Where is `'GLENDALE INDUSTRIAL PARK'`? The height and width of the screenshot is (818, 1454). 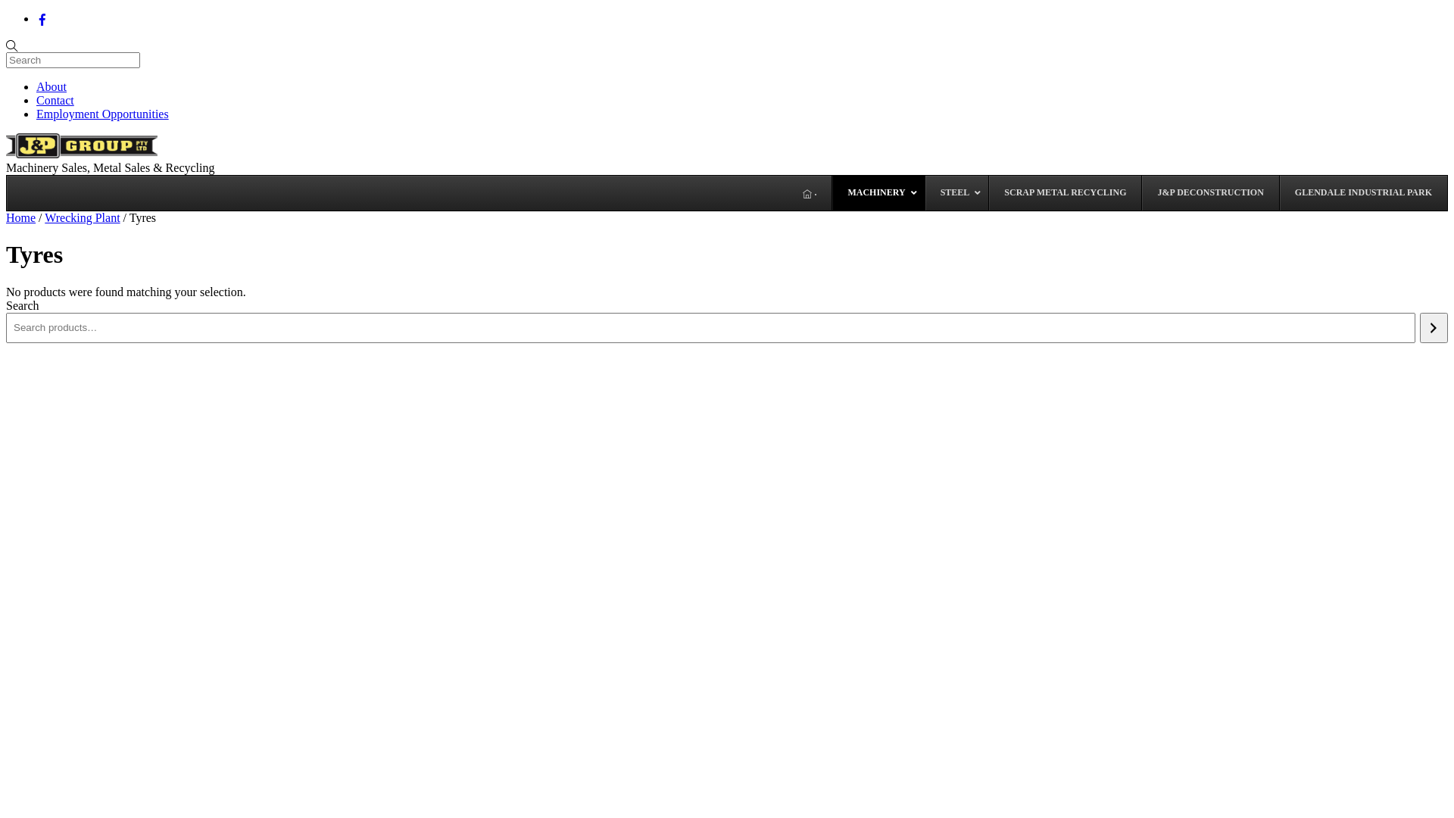
'GLENDALE INDUSTRIAL PARK' is located at coordinates (1363, 192).